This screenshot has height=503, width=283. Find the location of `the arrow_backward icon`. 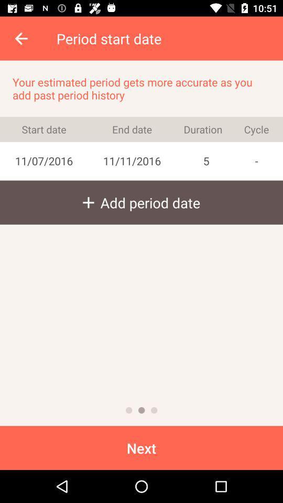

the arrow_backward icon is located at coordinates (22, 38).